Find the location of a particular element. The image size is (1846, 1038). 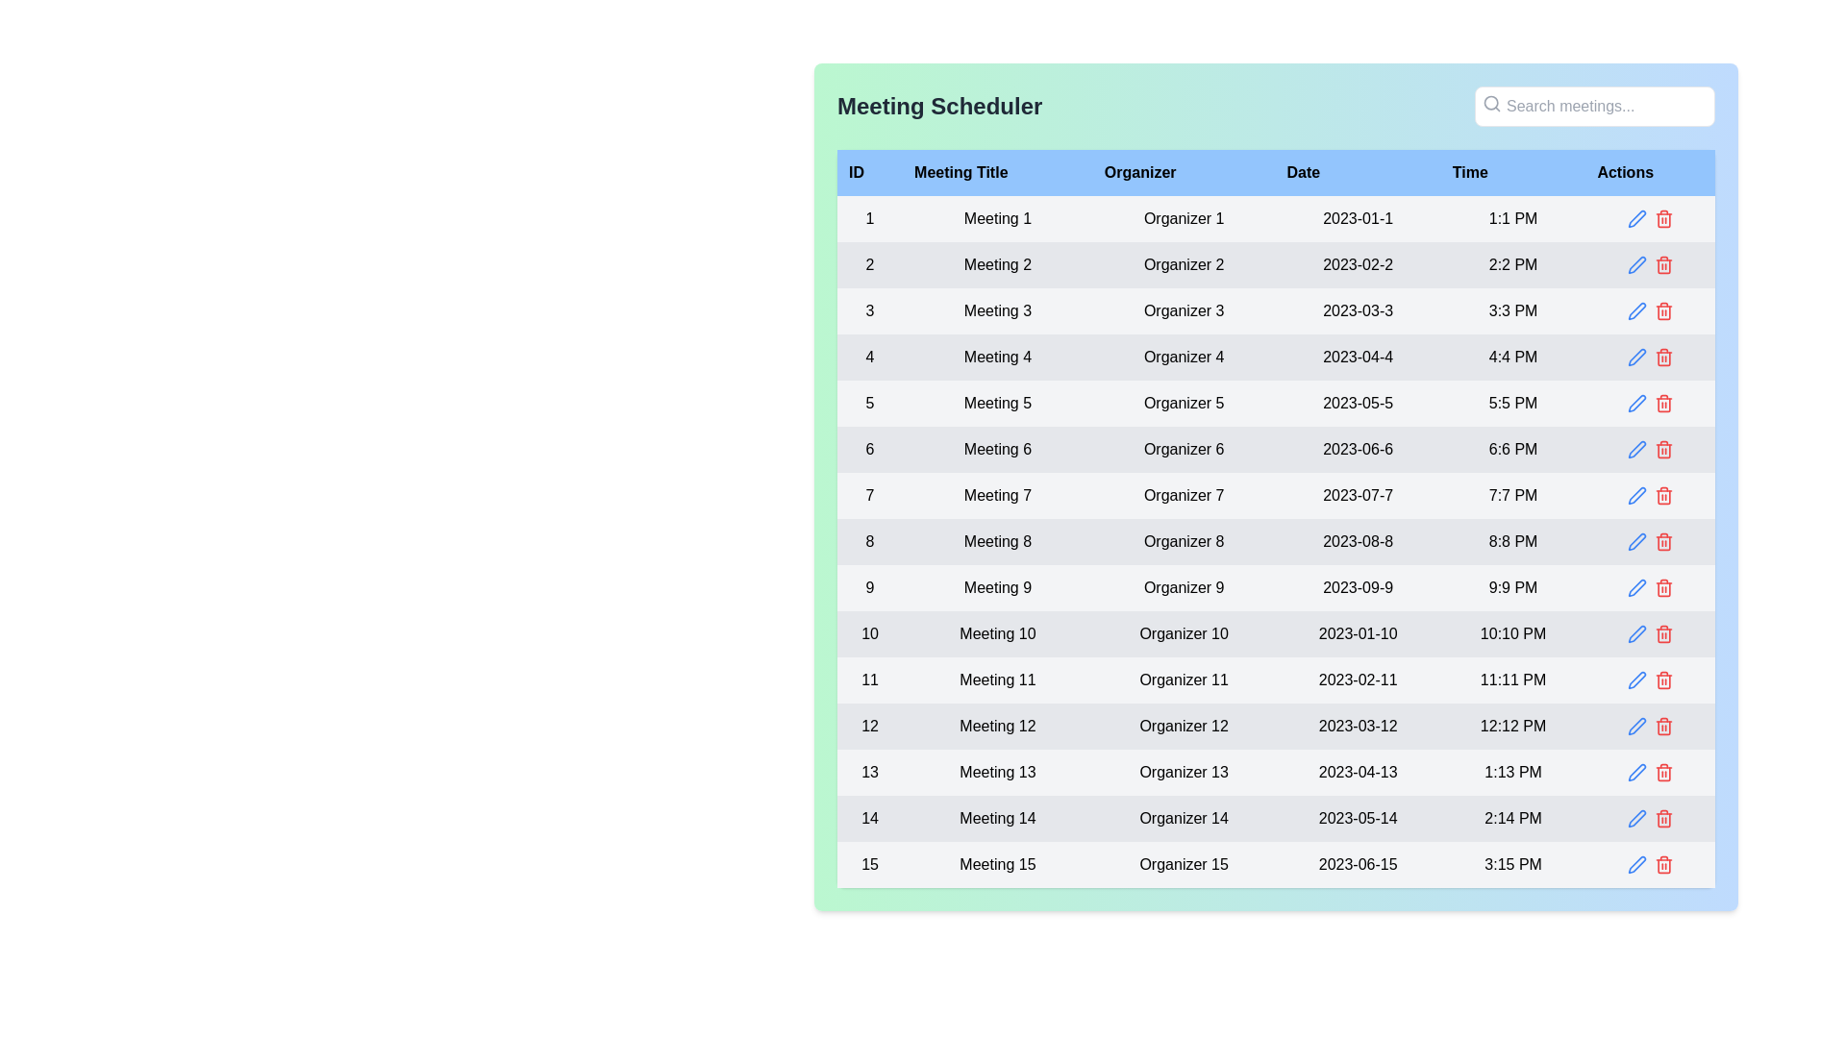

the pencil icon in the Actions column of the table row for Meeting 1 is located at coordinates (1649, 217).